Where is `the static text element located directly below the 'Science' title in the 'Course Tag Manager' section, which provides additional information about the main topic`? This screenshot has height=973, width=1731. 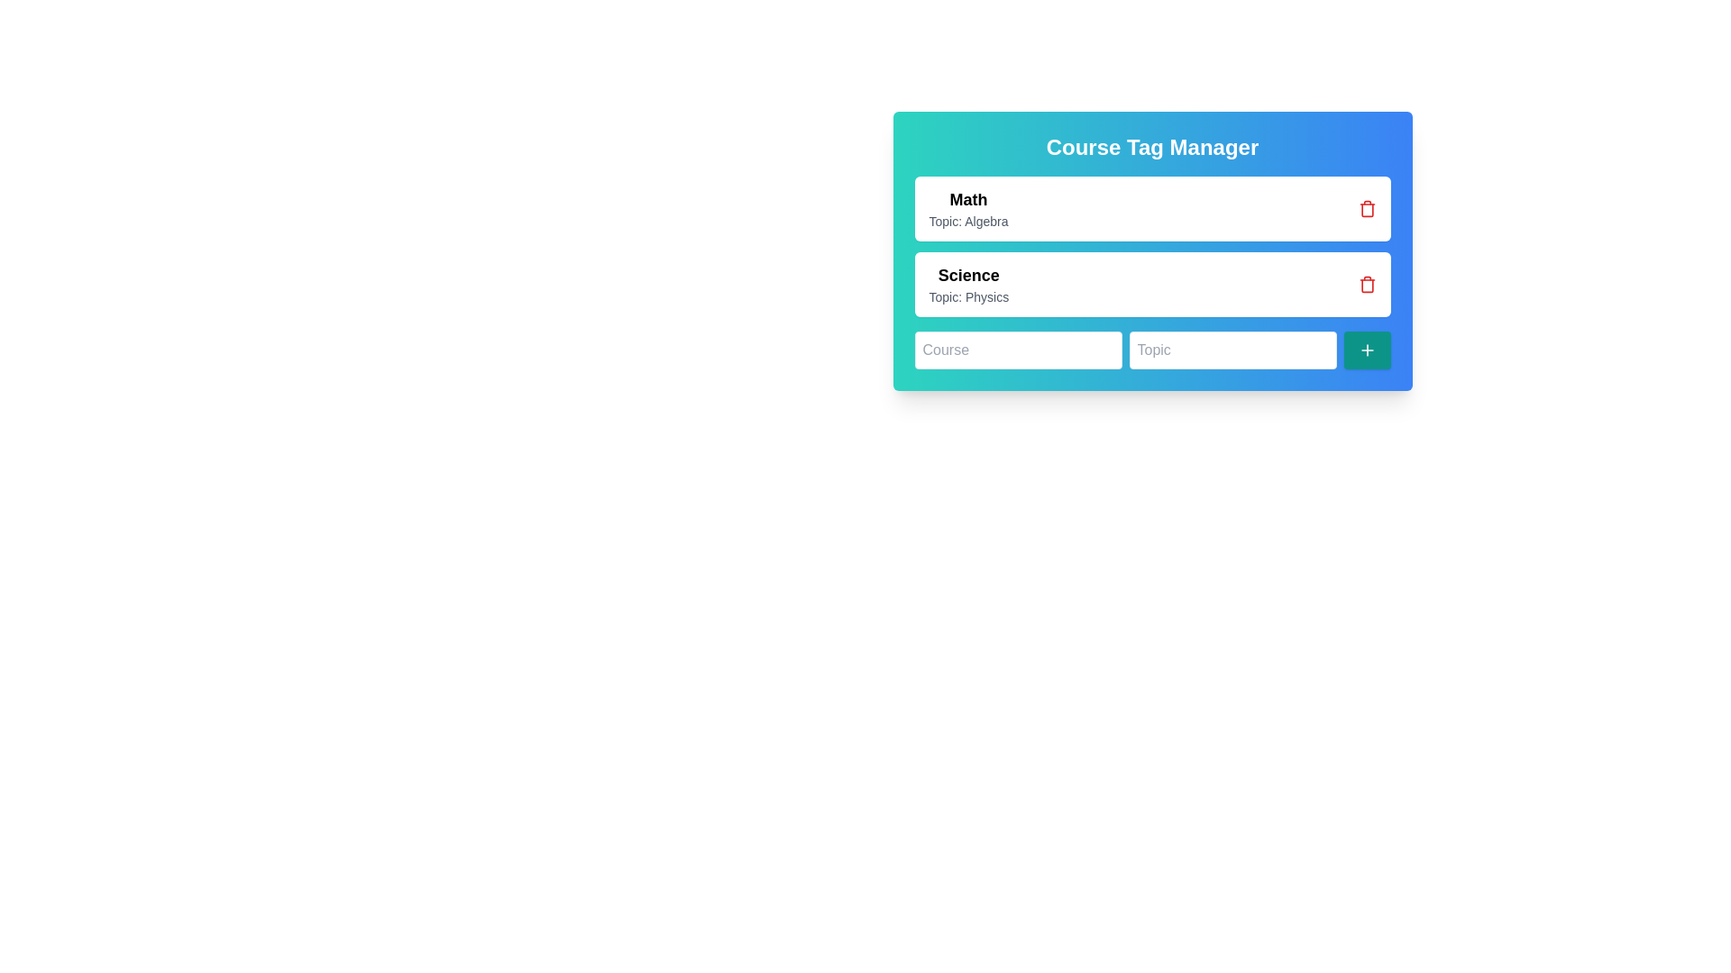
the static text element located directly below the 'Science' title in the 'Course Tag Manager' section, which provides additional information about the main topic is located at coordinates (967, 296).